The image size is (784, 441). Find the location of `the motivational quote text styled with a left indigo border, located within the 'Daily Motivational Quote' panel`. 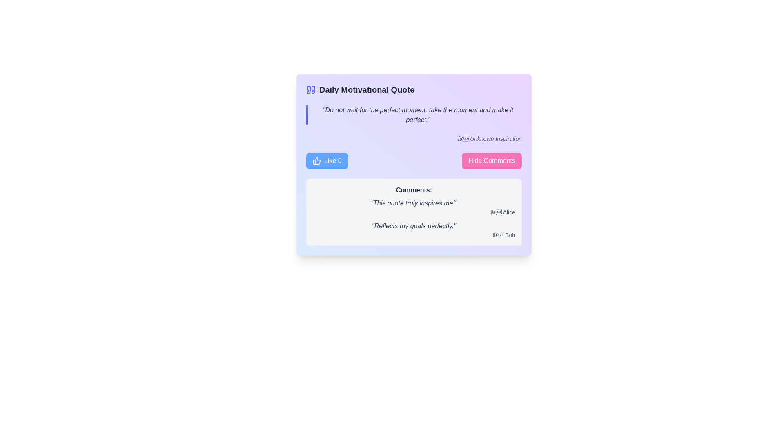

the motivational quote text styled with a left indigo border, located within the 'Daily Motivational Quote' panel is located at coordinates (414, 115).